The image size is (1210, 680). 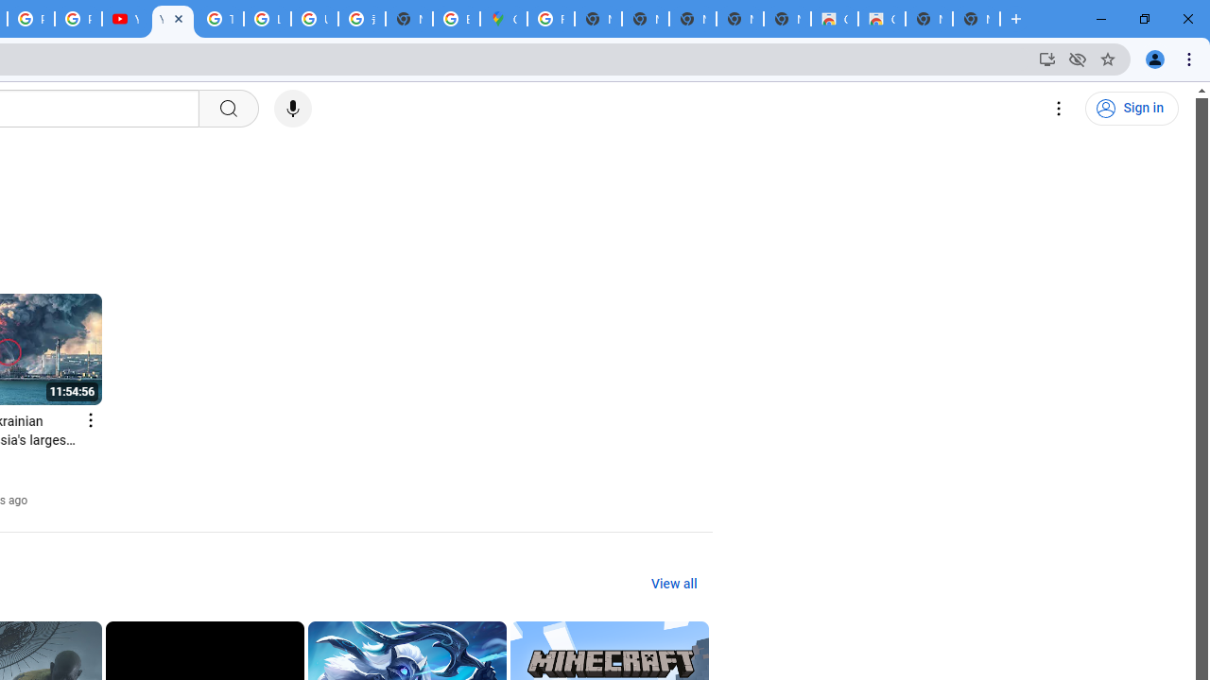 What do you see at coordinates (1046, 58) in the screenshot?
I see `'Install YouTube'` at bounding box center [1046, 58].